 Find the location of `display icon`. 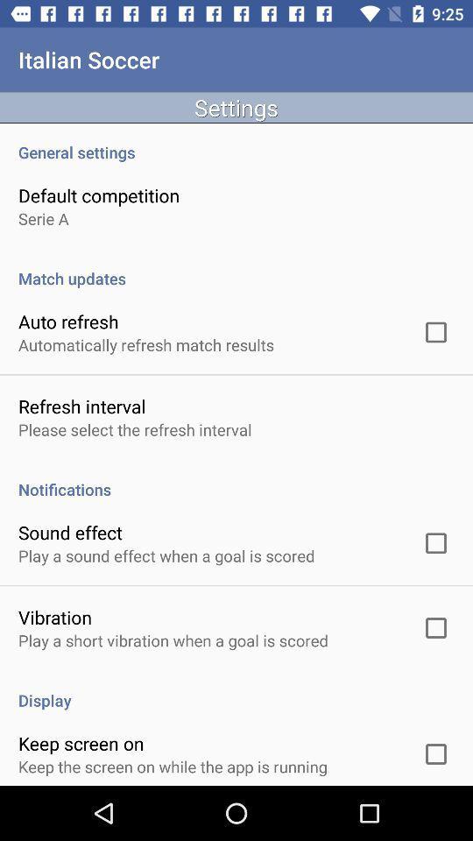

display icon is located at coordinates (236, 691).